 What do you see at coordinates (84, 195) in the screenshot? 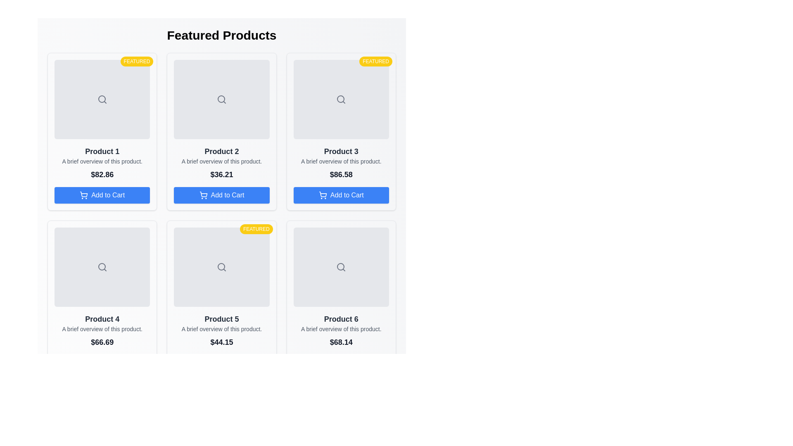
I see `the shopping cart icon within the 'Add to Cart' button for 'Product 1' located in the top-left section of the product grid` at bounding box center [84, 195].